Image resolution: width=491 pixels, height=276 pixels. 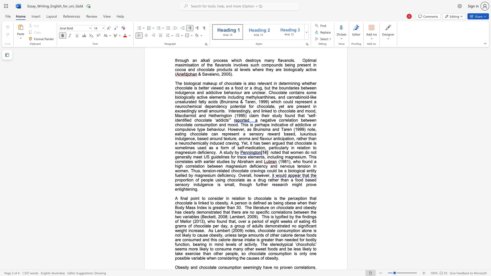 What do you see at coordinates (186, 267) in the screenshot?
I see `the subset text "y and chocolate consumption" within the text "Obesity and chocolate consumption"` at bounding box center [186, 267].